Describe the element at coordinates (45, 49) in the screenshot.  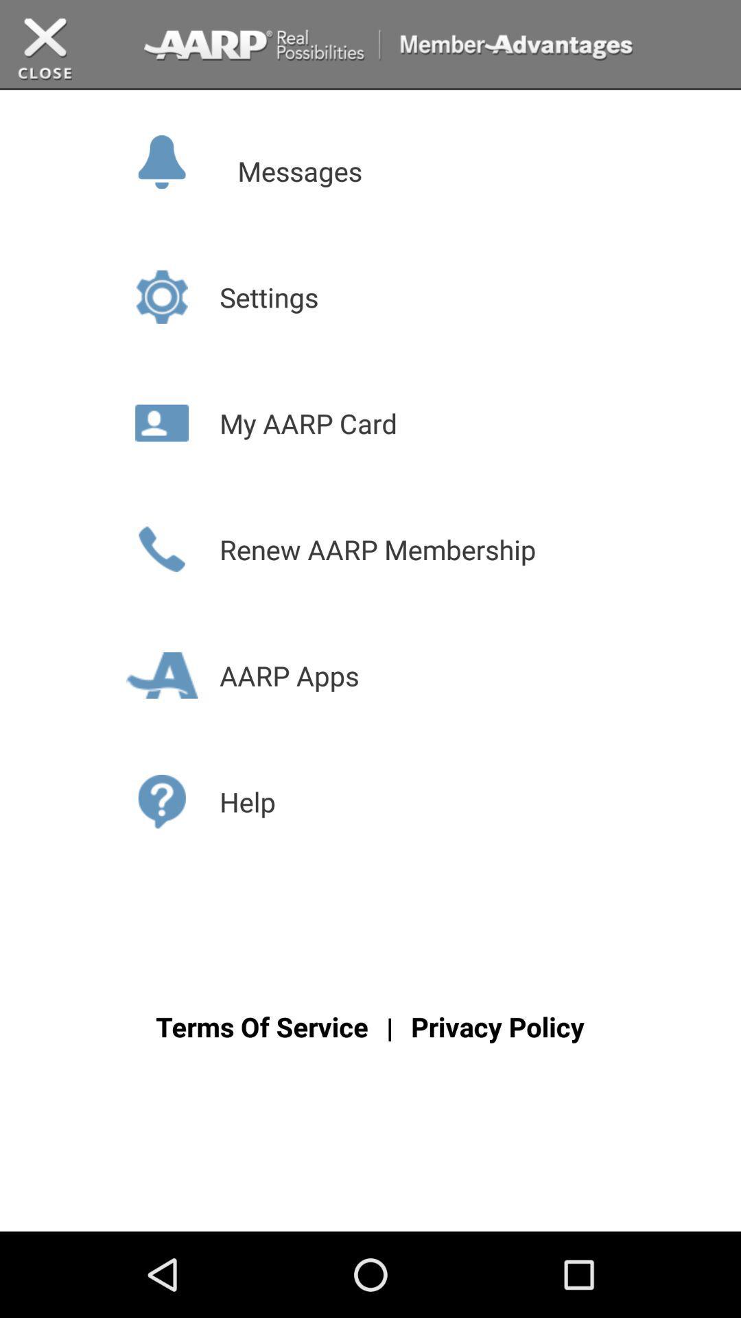
I see `close` at that location.